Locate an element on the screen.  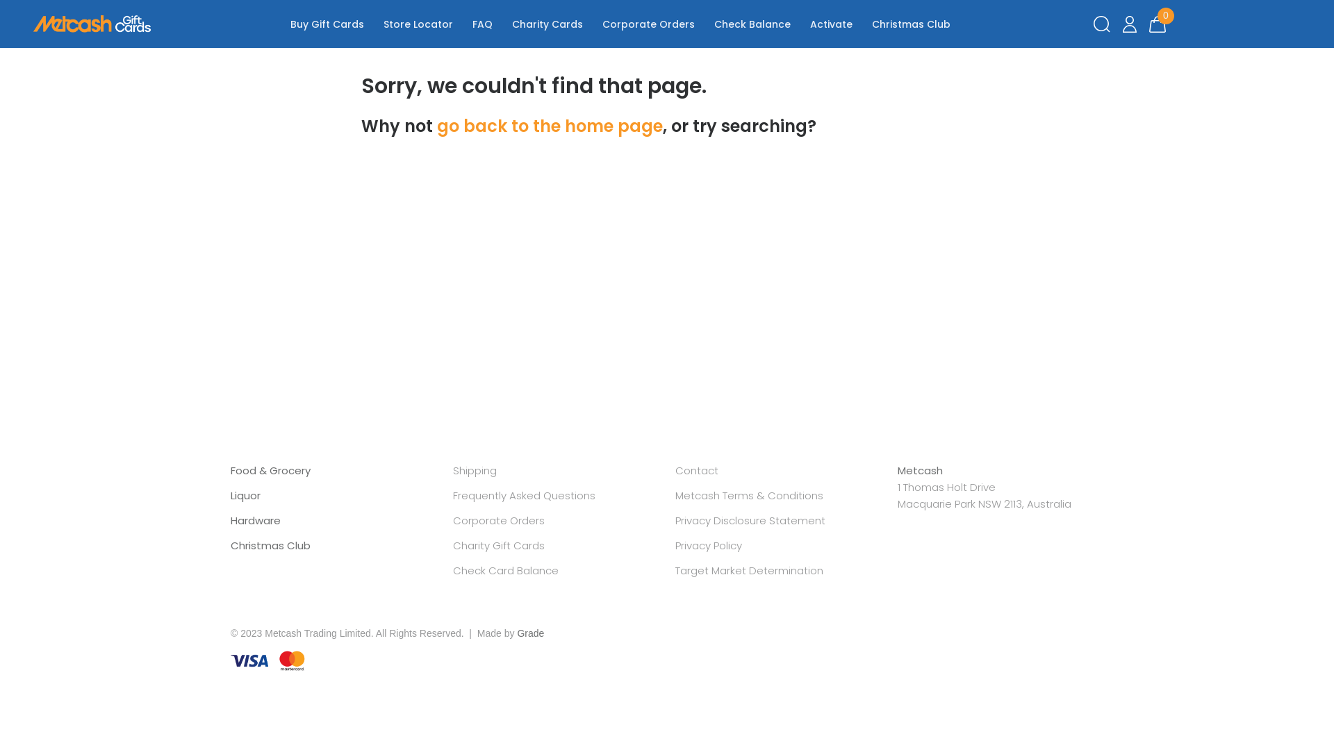
'Food & Grocery' is located at coordinates (270, 469).